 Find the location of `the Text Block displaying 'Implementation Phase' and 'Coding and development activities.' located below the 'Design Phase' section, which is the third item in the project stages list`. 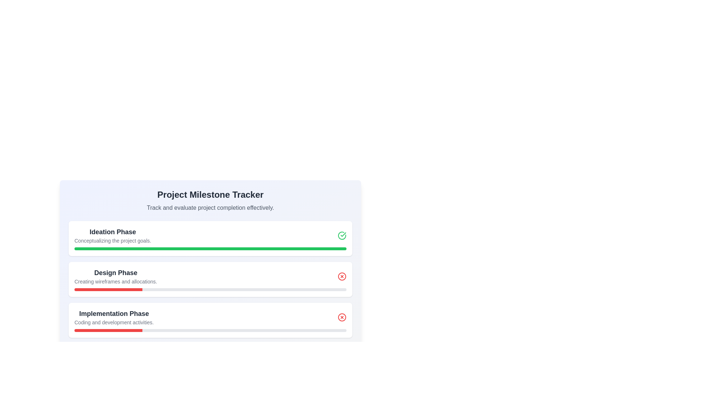

the Text Block displaying 'Implementation Phase' and 'Coding and development activities.' located below the 'Design Phase' section, which is the third item in the project stages list is located at coordinates (114, 317).